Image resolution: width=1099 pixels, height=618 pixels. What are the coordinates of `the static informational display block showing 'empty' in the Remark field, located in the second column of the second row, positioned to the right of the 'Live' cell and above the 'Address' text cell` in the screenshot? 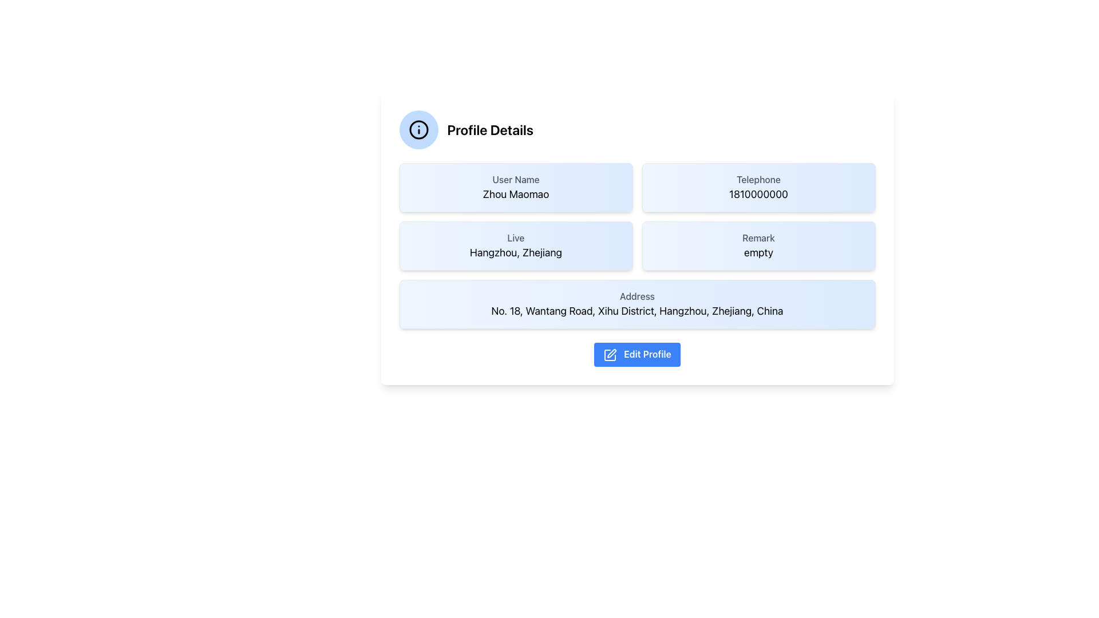 It's located at (758, 245).